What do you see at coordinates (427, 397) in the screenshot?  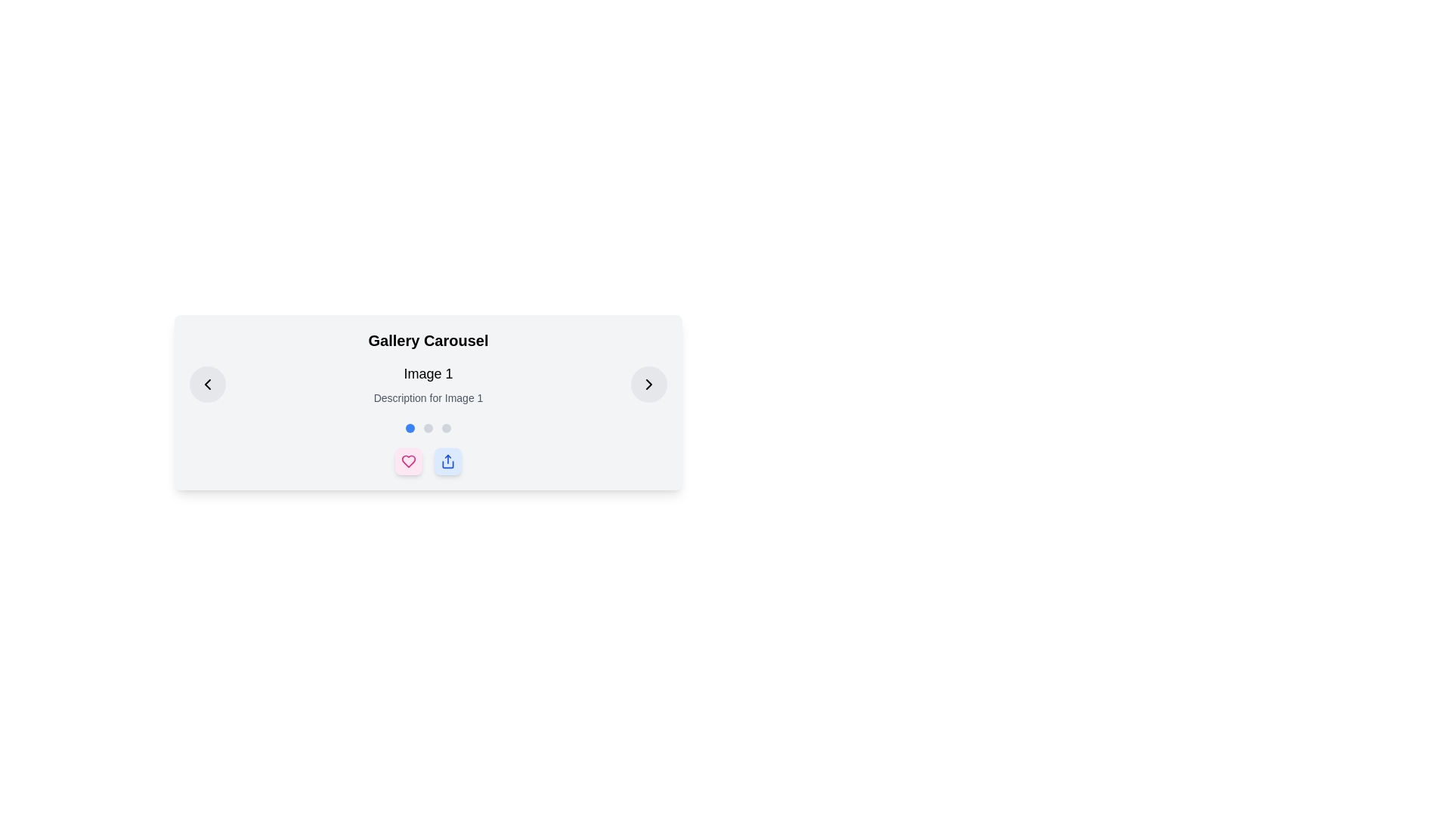 I see `the descriptive label providing additional information related to the 'Image 1' item in the 'Gallery Carousel'` at bounding box center [427, 397].